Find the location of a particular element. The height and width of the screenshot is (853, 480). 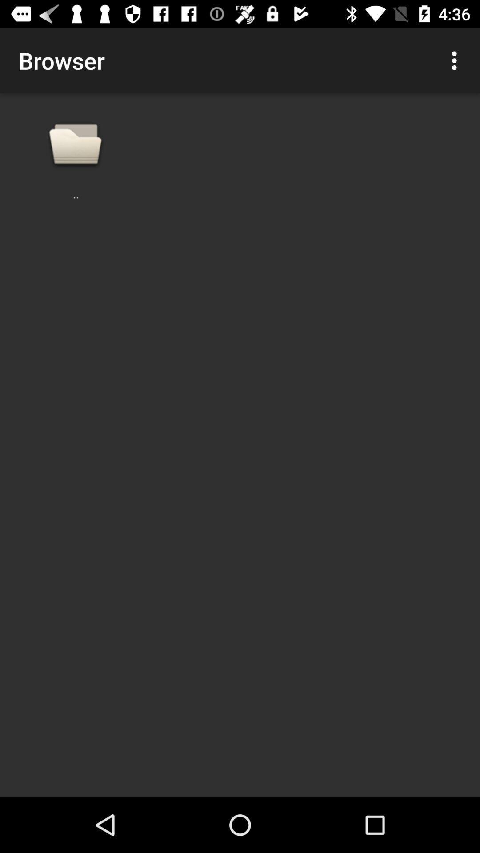

item to the right of the browser icon is located at coordinates (456, 60).